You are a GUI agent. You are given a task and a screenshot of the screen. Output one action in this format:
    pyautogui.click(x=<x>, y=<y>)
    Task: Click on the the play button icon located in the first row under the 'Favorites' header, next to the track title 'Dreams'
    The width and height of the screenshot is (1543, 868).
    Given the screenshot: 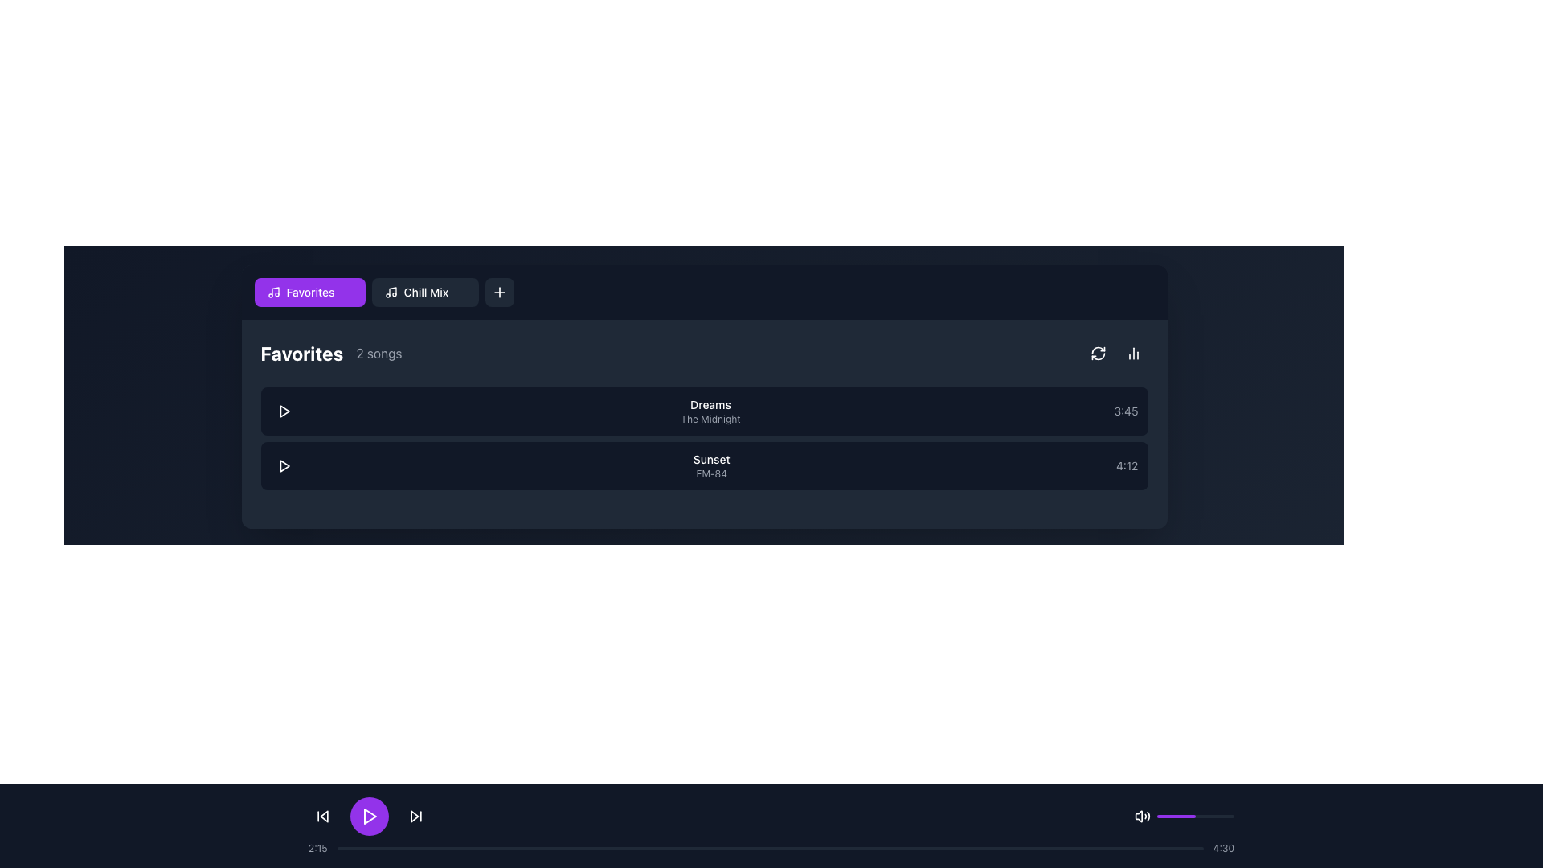 What is the action you would take?
    pyautogui.click(x=284, y=411)
    